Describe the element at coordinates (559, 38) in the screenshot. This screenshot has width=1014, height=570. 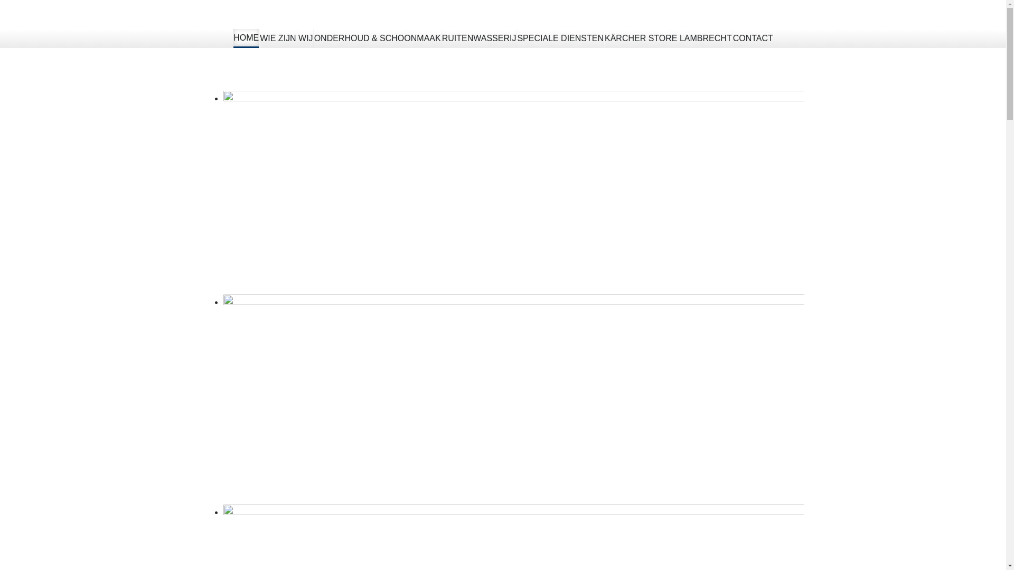
I see `'SPECIALE DIENSTEN'` at that location.